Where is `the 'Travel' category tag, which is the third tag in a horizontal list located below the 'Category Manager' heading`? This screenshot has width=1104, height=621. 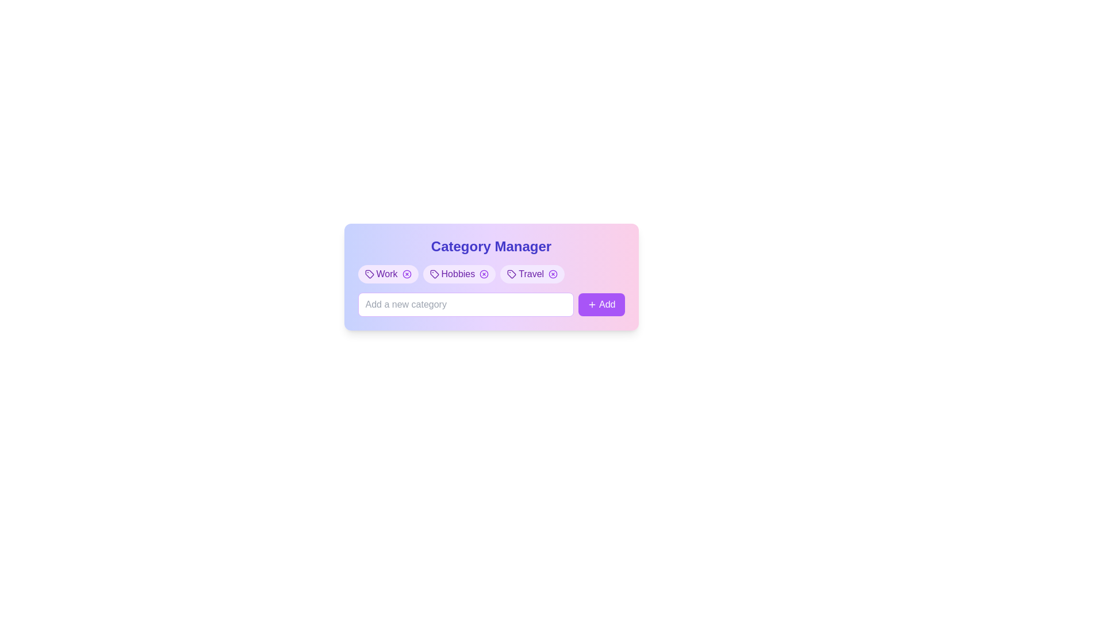 the 'Travel' category tag, which is the third tag in a horizontal list located below the 'Category Manager' heading is located at coordinates (532, 274).